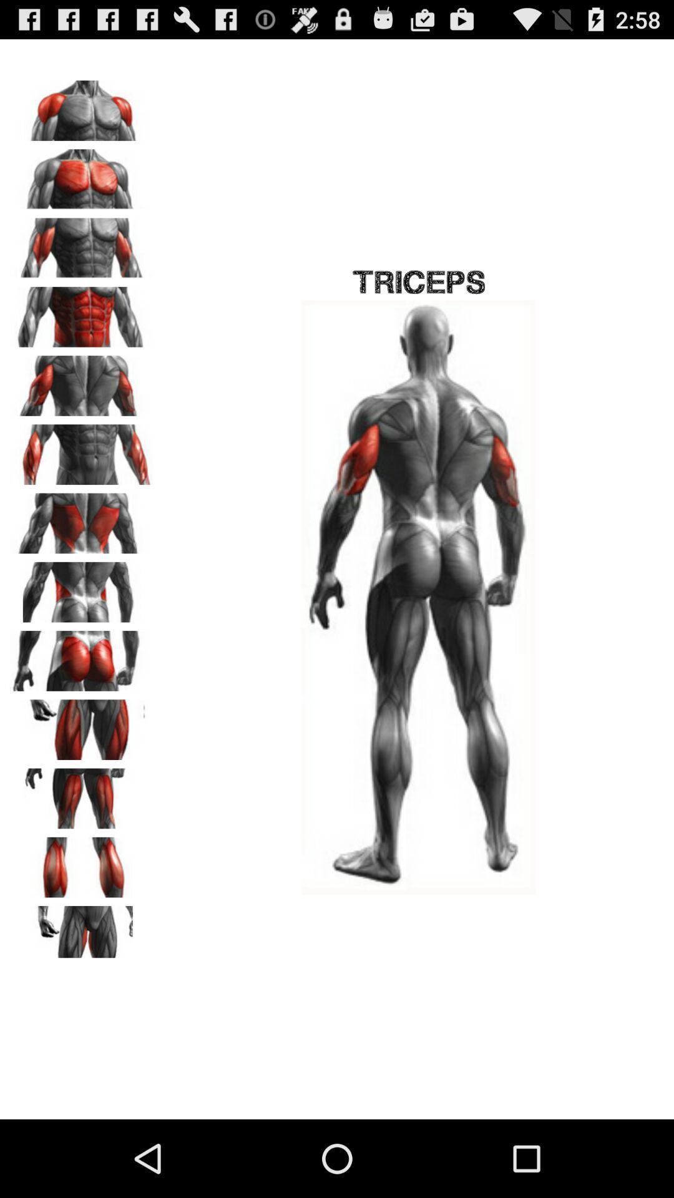 Image resolution: width=674 pixels, height=1198 pixels. I want to click on biceps, so click(82, 244).